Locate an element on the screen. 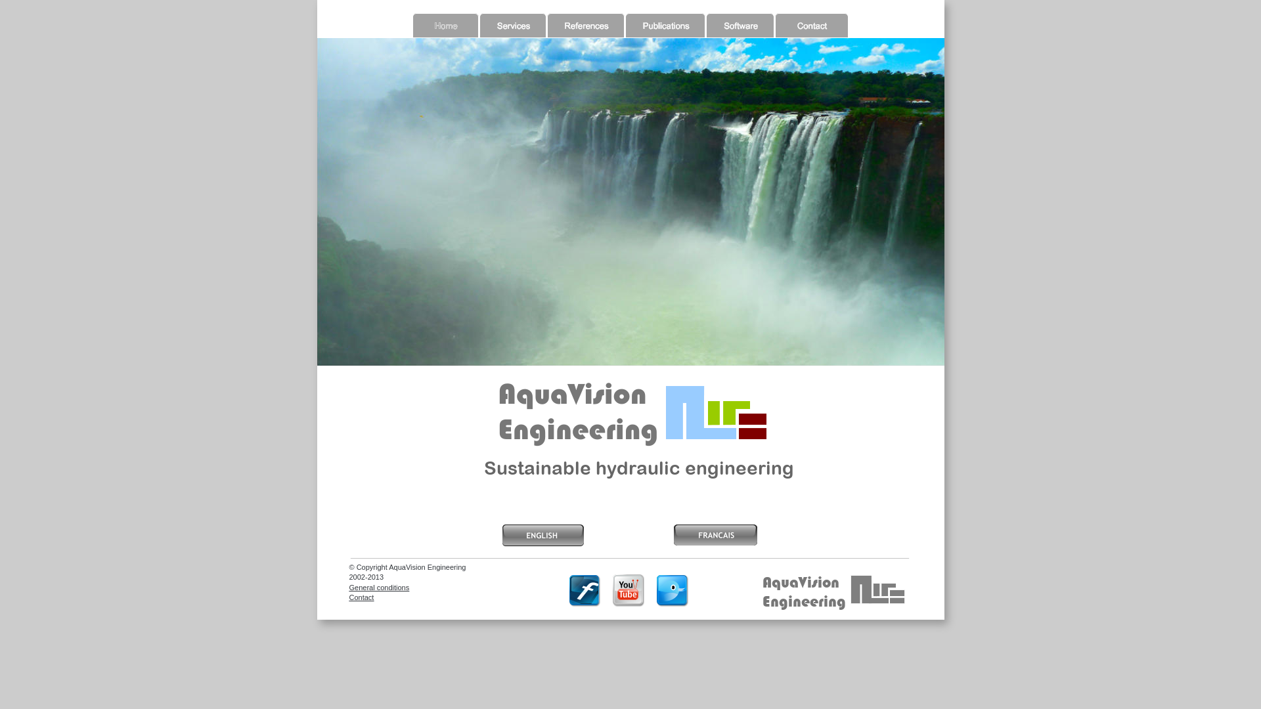  'Contact' is located at coordinates (349, 597).